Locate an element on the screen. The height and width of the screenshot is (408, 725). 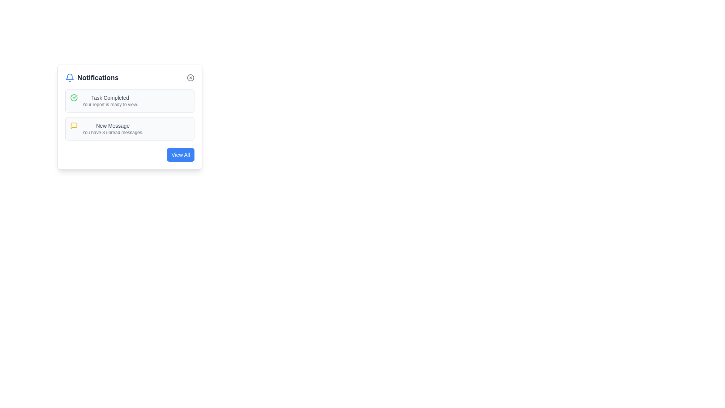
the message notification icon located to the left of the 'New Message' notification item, which is the second icon among the notification items is located at coordinates (74, 125).